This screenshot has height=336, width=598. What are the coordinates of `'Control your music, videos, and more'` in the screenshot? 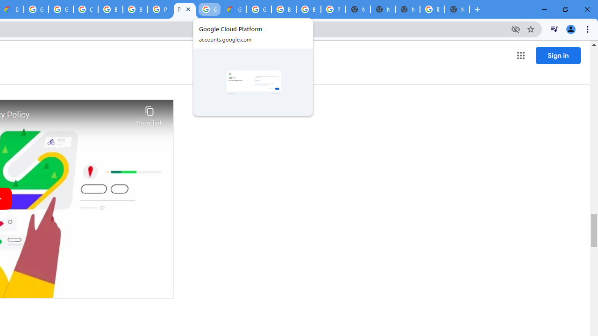 It's located at (554, 28).